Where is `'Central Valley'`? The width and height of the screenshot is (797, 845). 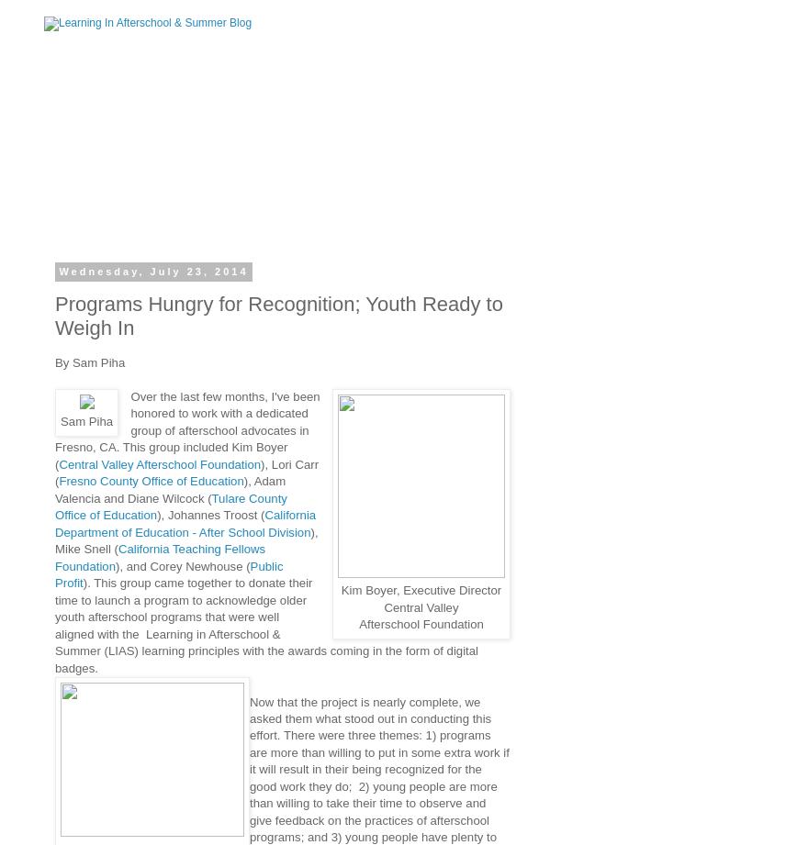
'Central Valley' is located at coordinates (421, 606).